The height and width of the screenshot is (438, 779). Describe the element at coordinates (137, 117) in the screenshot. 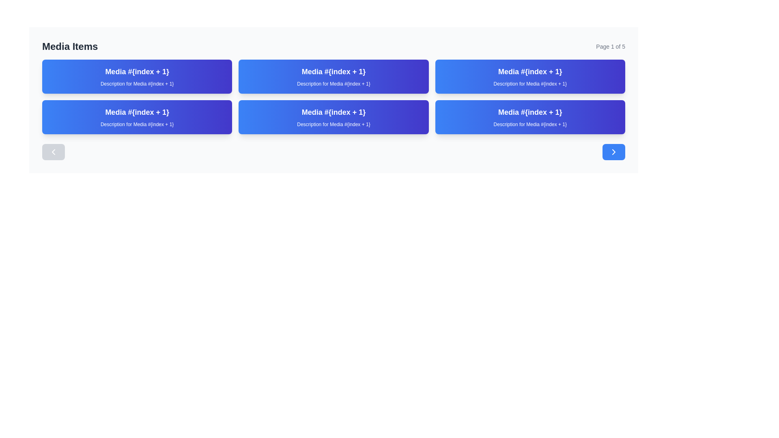

I see `the Card component displaying the title 'Media #{index + 1}' and description 'Description for Media #{index + 1}', which is the first card in the second row of a grid layout` at that location.